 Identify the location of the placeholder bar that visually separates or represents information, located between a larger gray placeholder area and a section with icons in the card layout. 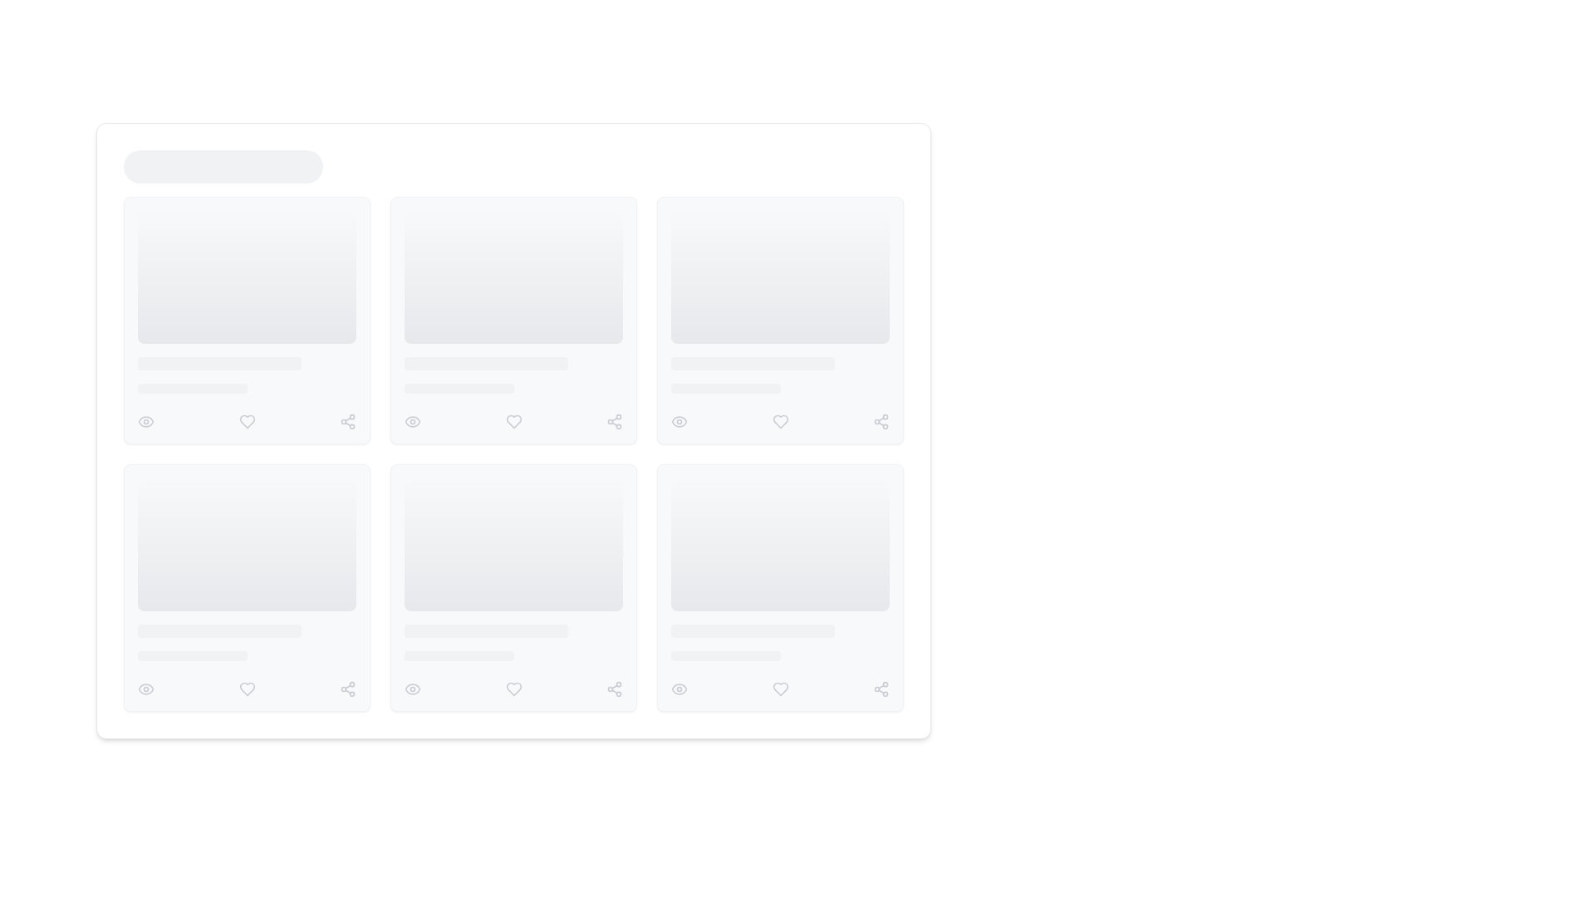
(752, 363).